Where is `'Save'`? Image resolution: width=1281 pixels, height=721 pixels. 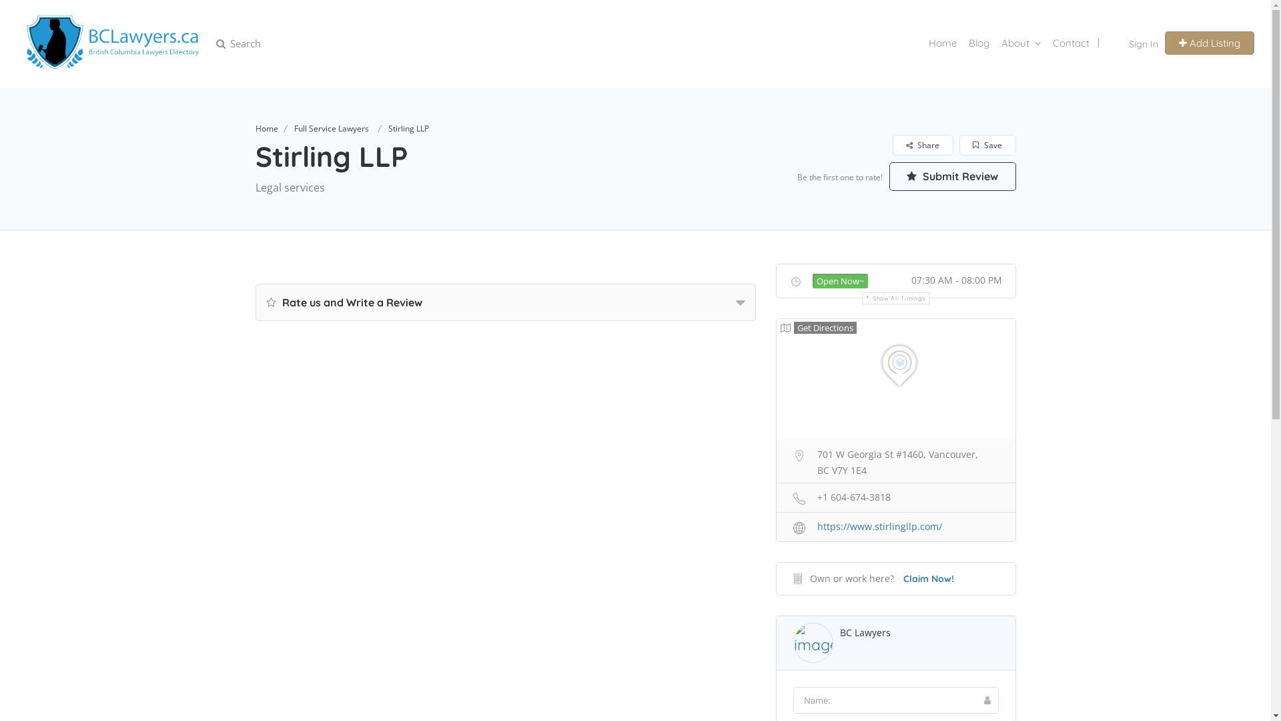 'Save' is located at coordinates (986, 145).